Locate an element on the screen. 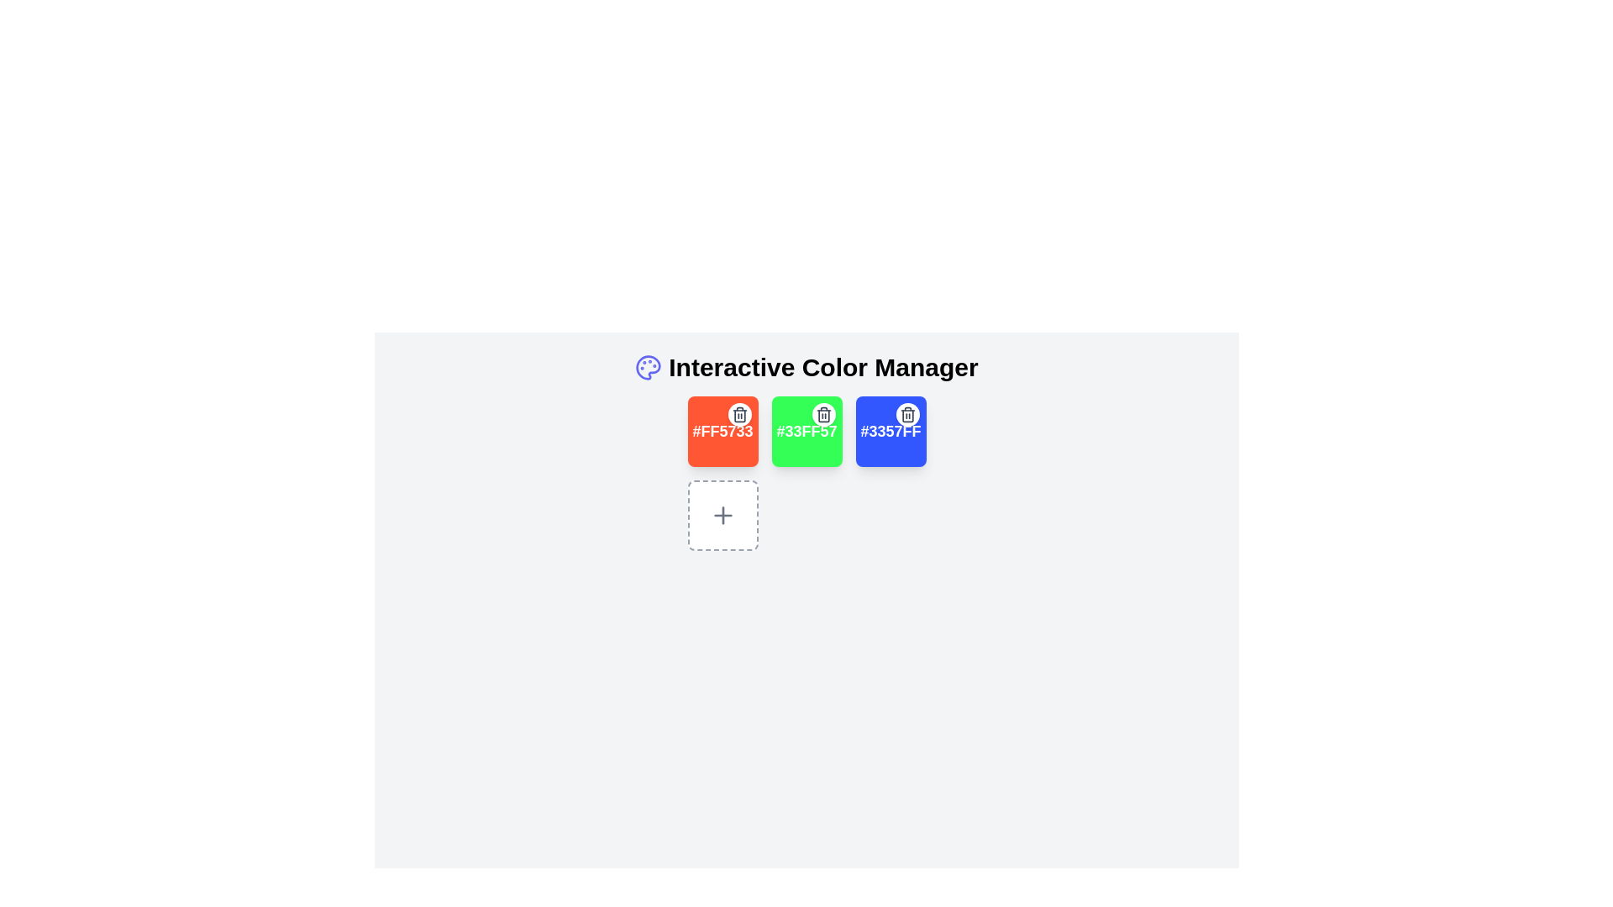 The image size is (1613, 907). the white square button with a dashed border and a gray plus icon, located at the bottom-left corner of the grid layout is located at coordinates (722, 514).